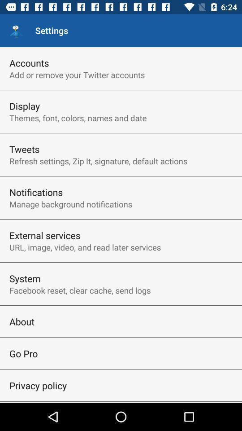 The height and width of the screenshot is (431, 242). What do you see at coordinates (85, 247) in the screenshot?
I see `url image video` at bounding box center [85, 247].